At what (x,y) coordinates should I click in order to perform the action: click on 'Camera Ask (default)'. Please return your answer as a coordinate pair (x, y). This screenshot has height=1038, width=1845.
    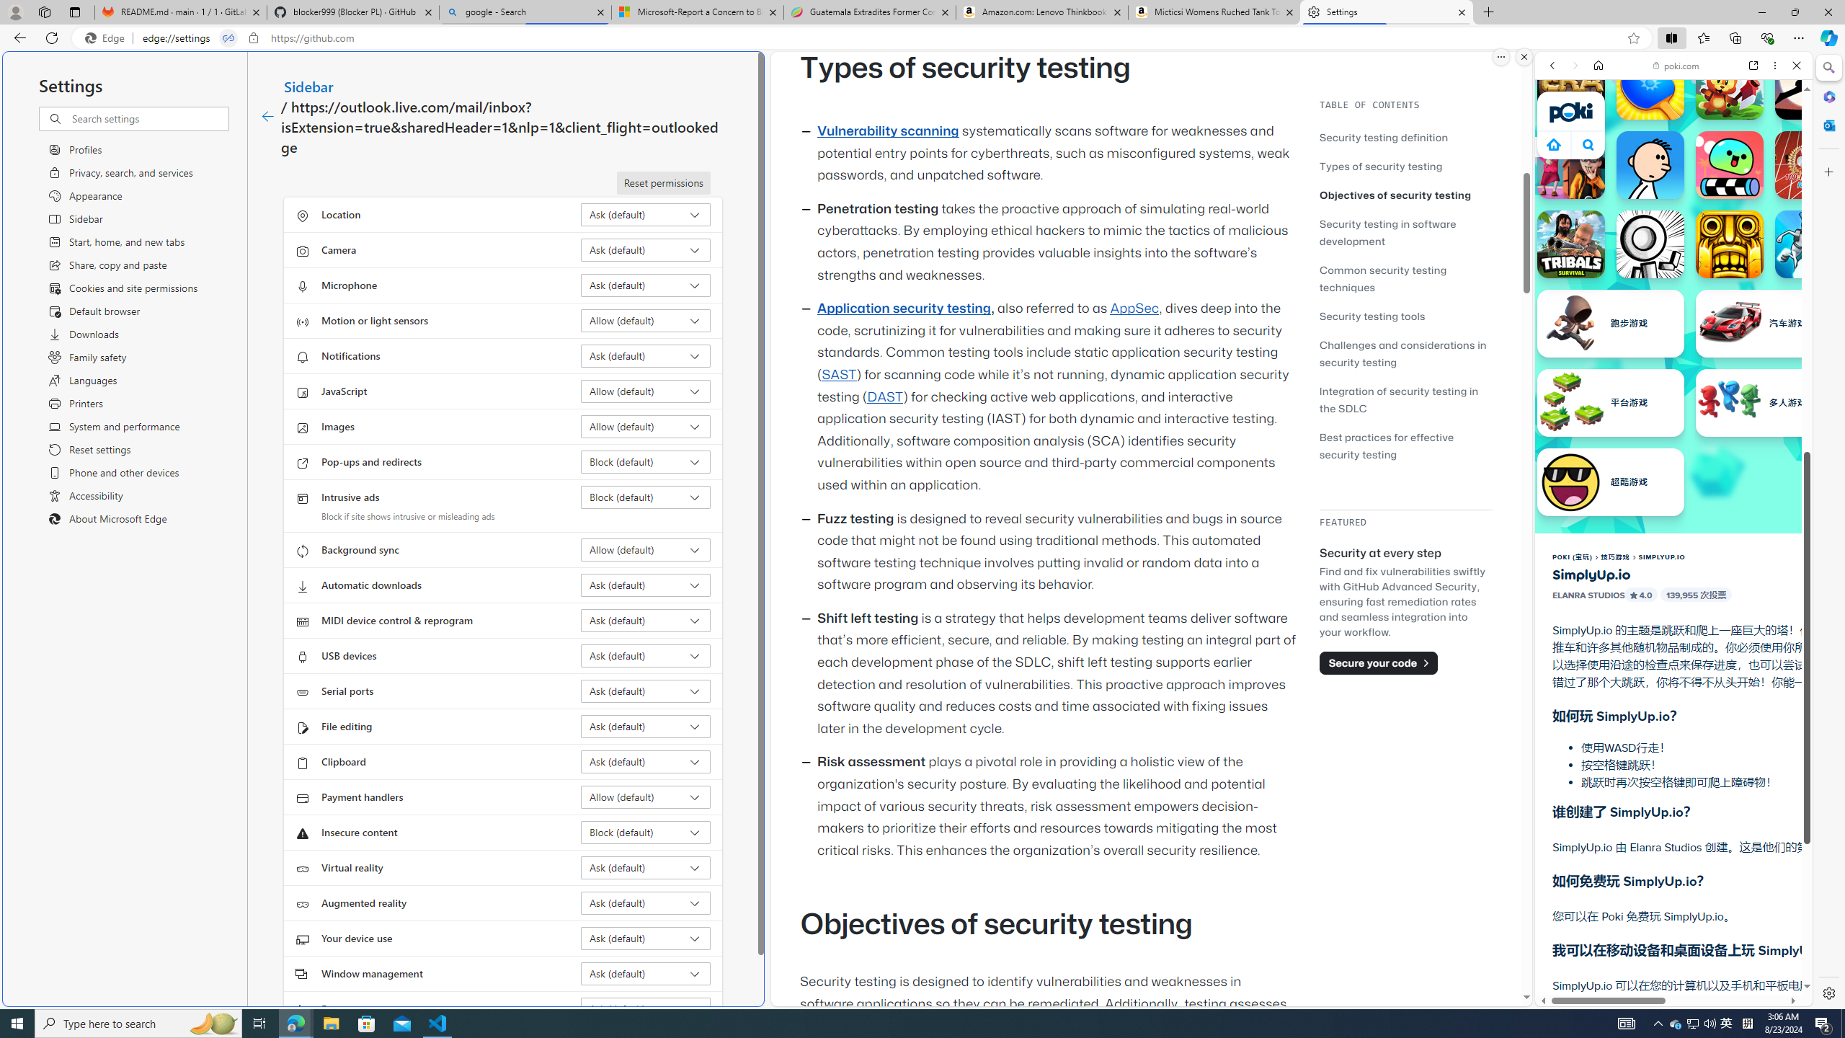
    Looking at the image, I should click on (646, 249).